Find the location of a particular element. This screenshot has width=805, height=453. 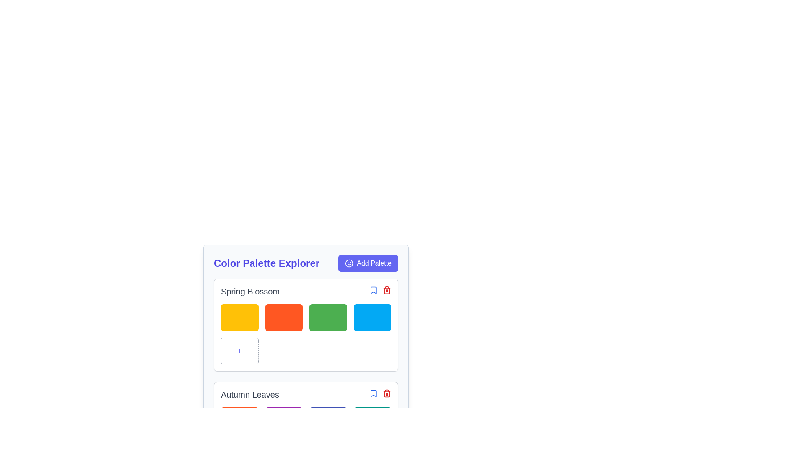

the '+' symbol button in the 'Spring Blossom' palette section, which adds a new item or tile to the current palette is located at coordinates (239, 351).